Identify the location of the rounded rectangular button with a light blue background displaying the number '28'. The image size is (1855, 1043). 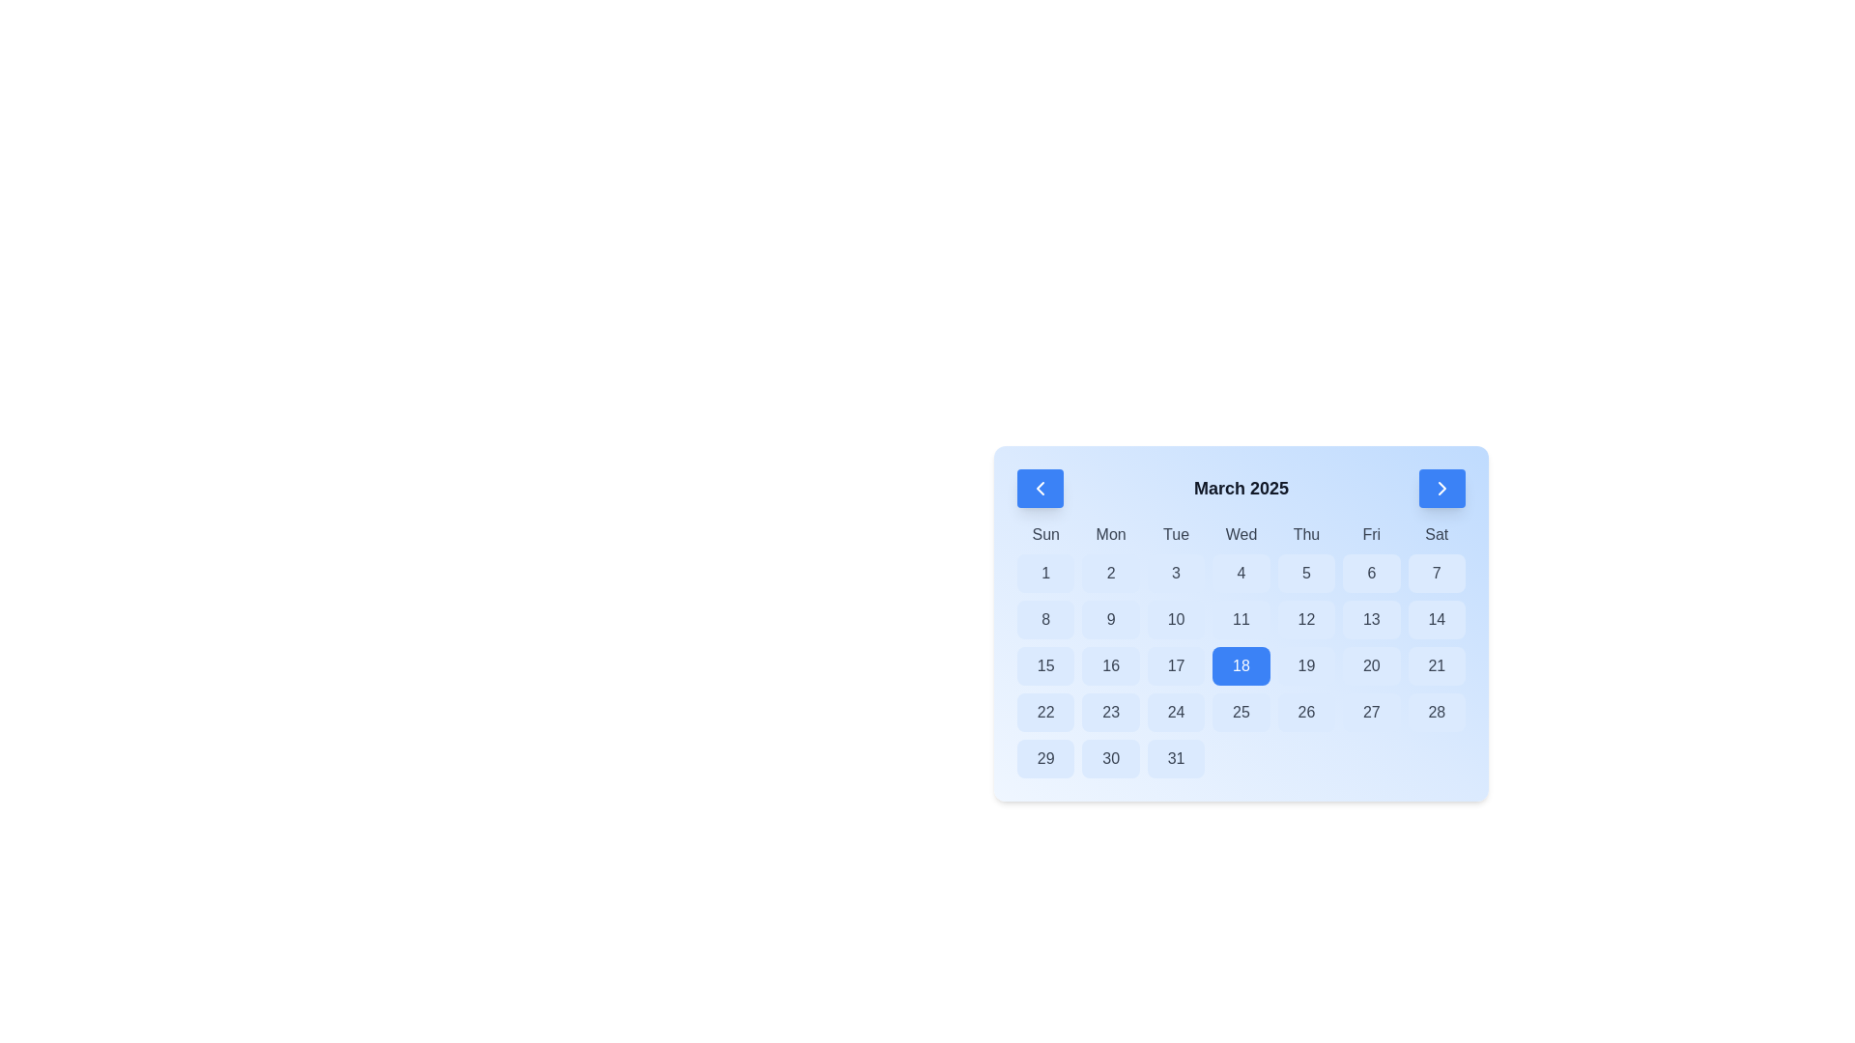
(1437, 712).